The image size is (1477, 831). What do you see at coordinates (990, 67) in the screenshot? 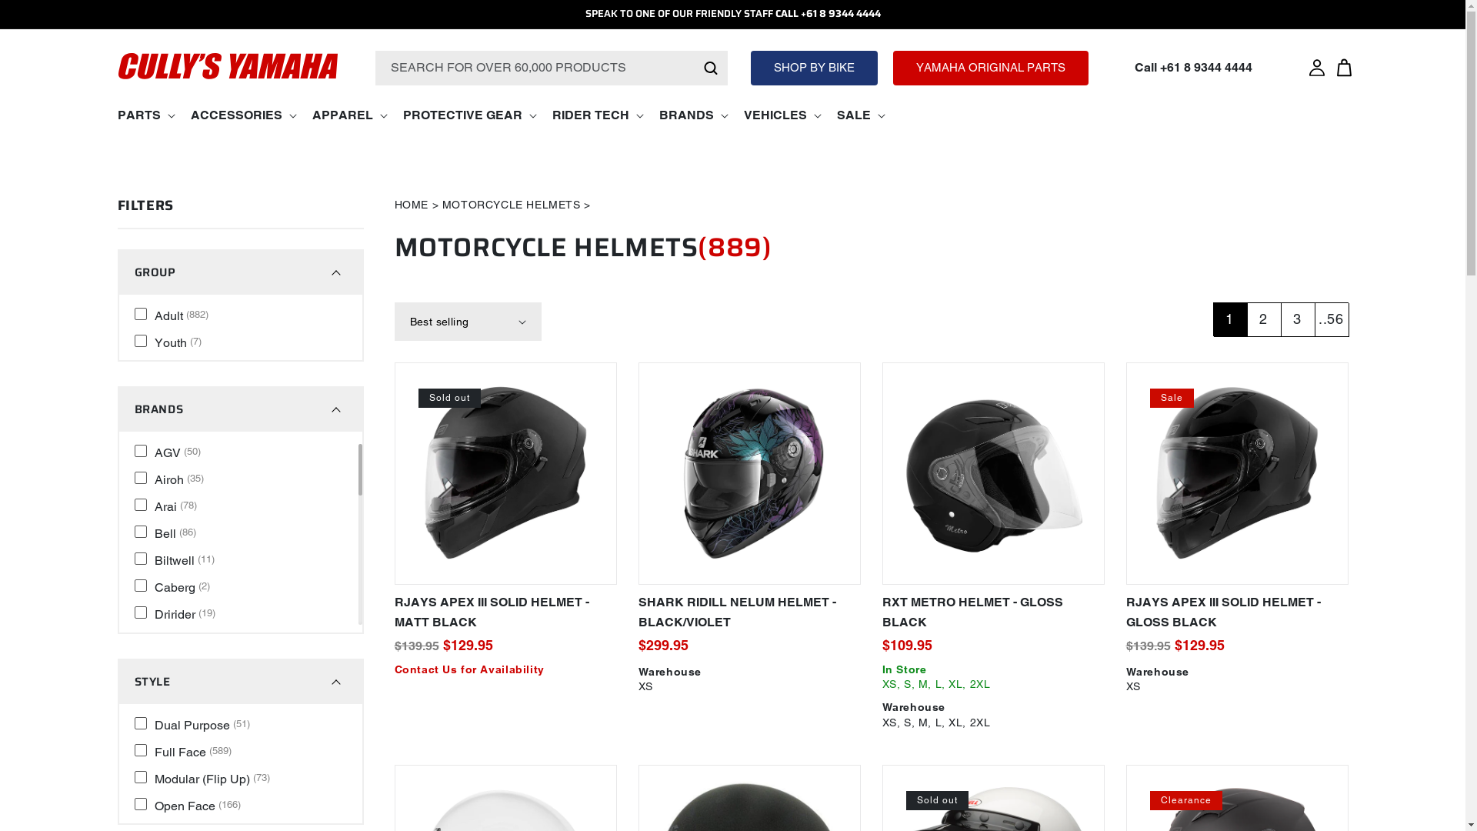
I see `'YAMAHA ORIGINAL PARTS'` at bounding box center [990, 67].